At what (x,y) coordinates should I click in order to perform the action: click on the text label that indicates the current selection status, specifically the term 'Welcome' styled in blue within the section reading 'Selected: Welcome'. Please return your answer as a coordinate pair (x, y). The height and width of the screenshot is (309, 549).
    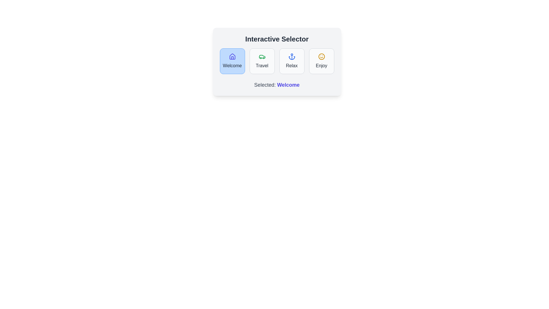
    Looking at the image, I should click on (288, 85).